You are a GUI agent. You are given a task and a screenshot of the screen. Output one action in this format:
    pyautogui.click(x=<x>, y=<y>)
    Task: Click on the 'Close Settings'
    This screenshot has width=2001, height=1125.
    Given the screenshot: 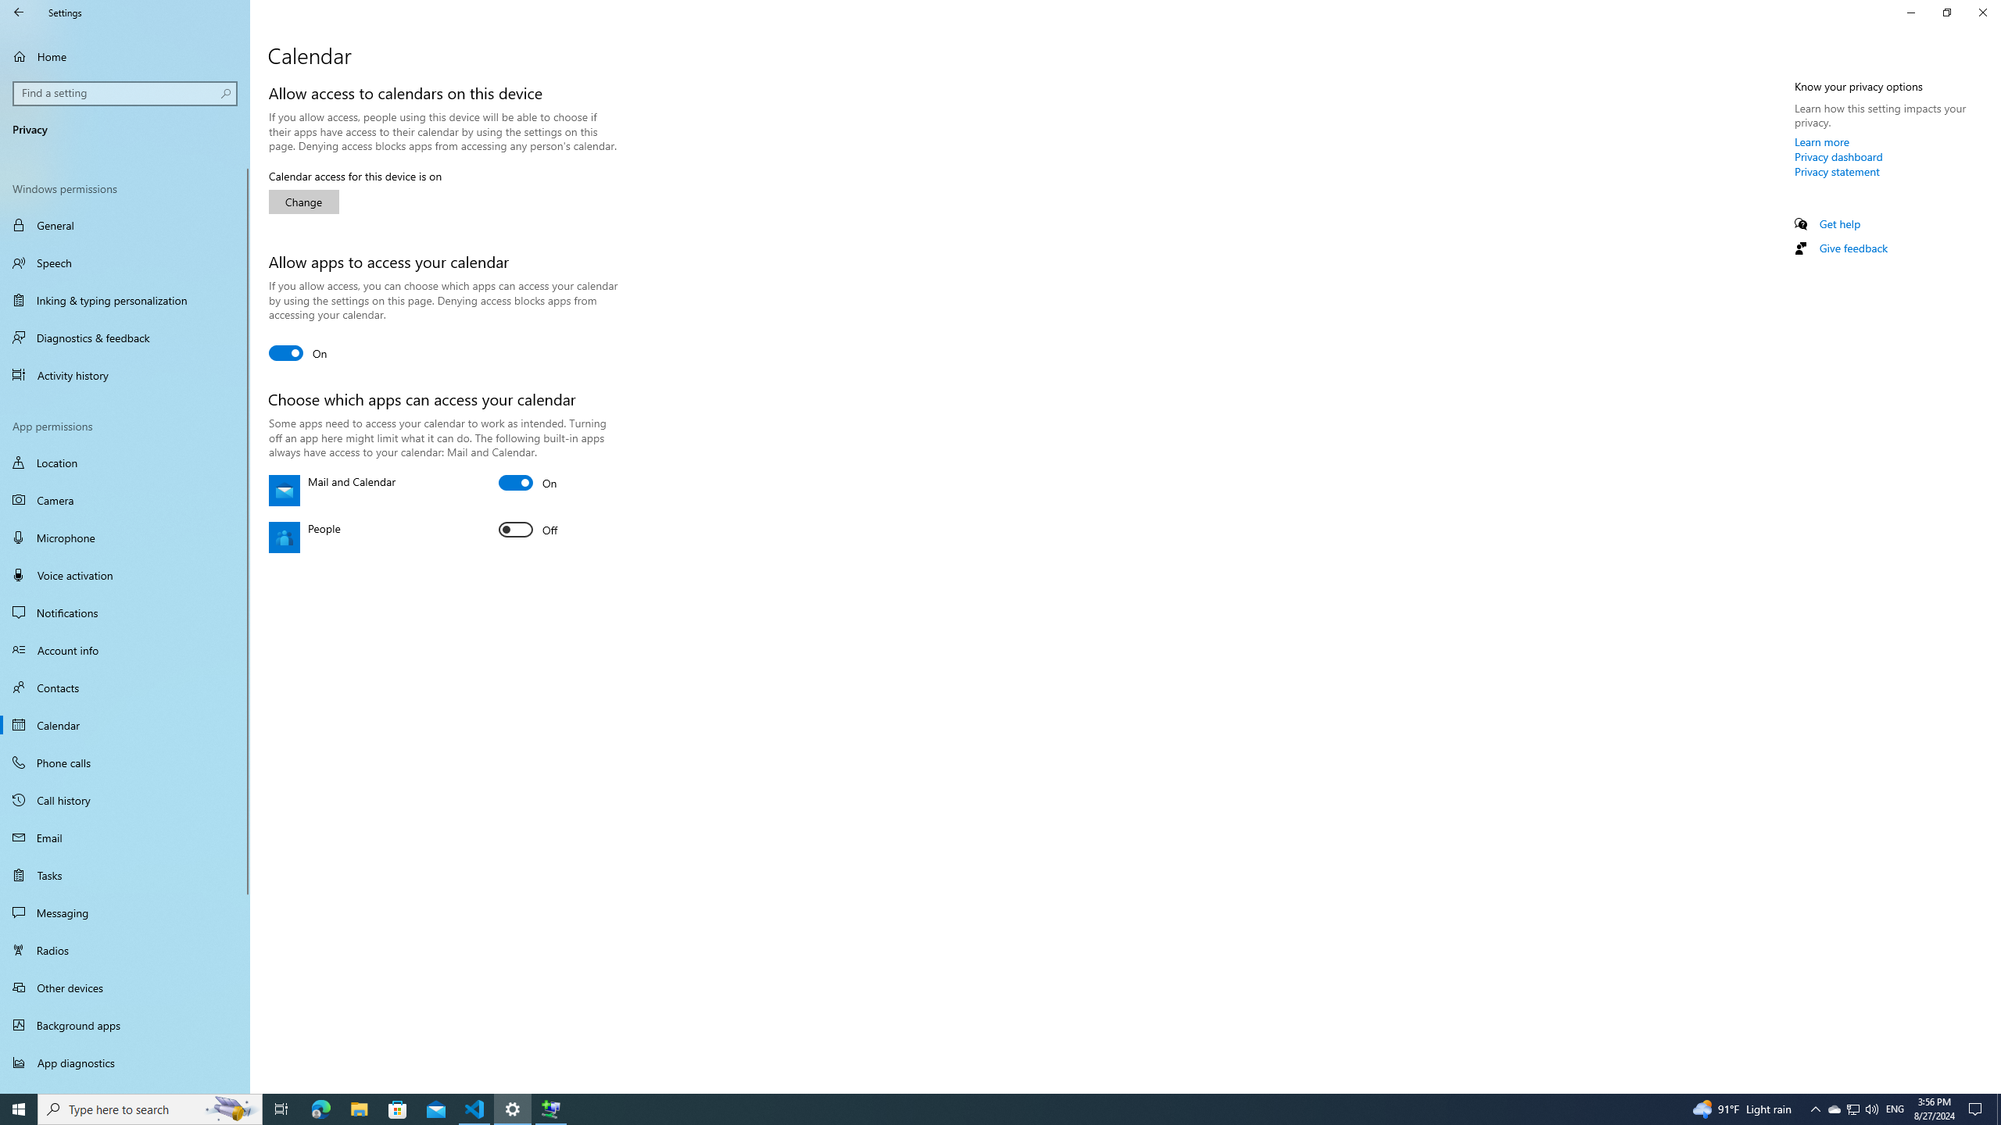 What is the action you would take?
    pyautogui.click(x=1981, y=12)
    